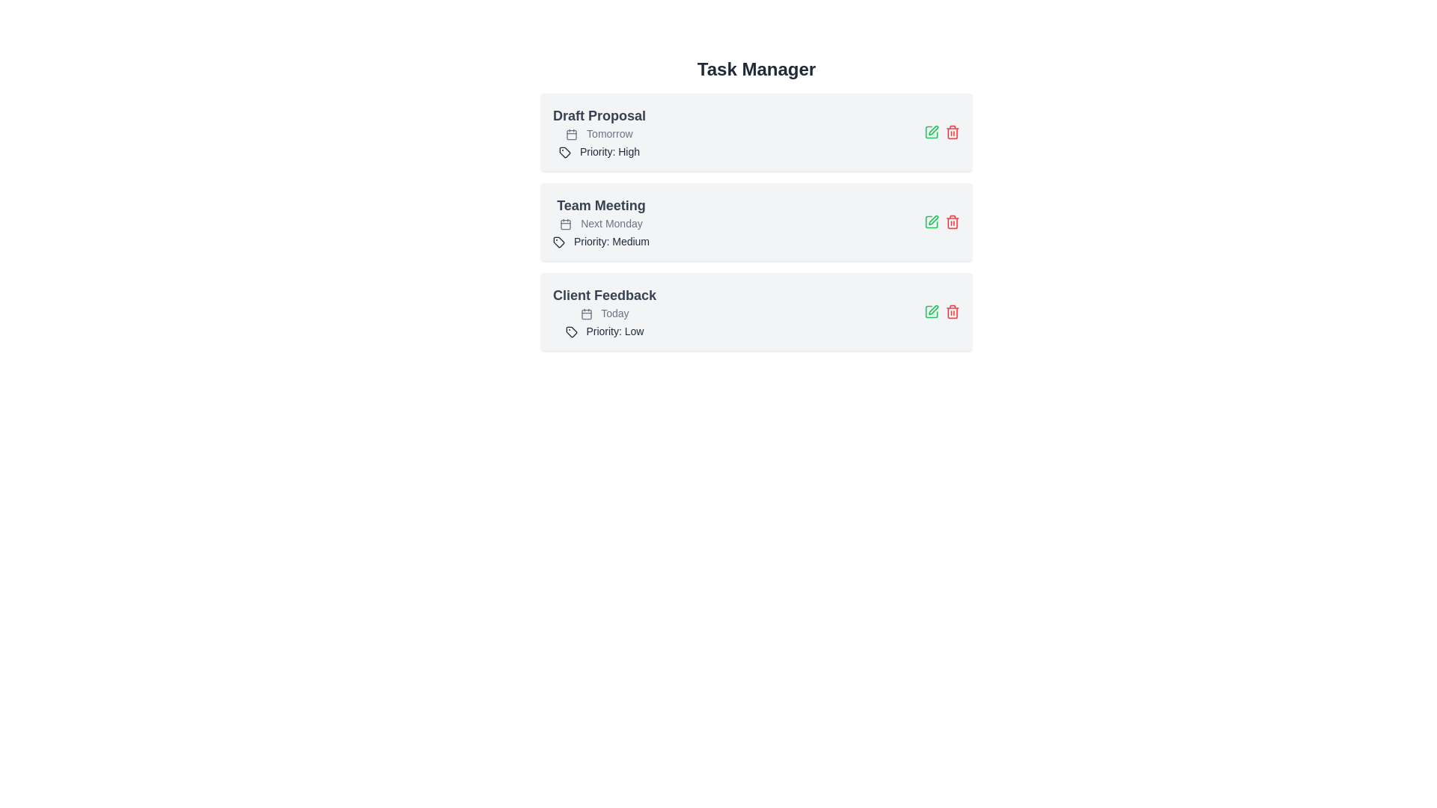 This screenshot has width=1437, height=808. What do you see at coordinates (930, 310) in the screenshot?
I see `the SVG graphical component that is part of the edit icon for the 'Client Feedback' task, located towards the right end of the task entry row` at bounding box center [930, 310].